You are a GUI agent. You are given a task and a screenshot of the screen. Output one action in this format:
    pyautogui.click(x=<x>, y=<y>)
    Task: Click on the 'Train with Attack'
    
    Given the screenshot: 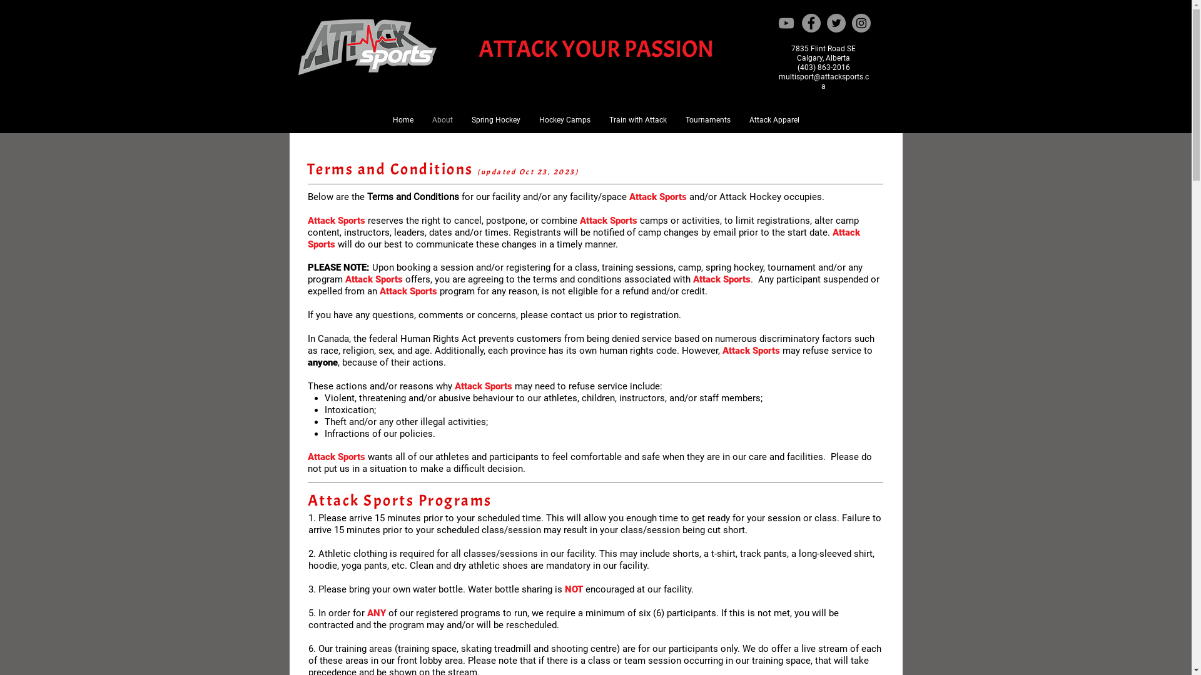 What is the action you would take?
    pyautogui.click(x=637, y=120)
    